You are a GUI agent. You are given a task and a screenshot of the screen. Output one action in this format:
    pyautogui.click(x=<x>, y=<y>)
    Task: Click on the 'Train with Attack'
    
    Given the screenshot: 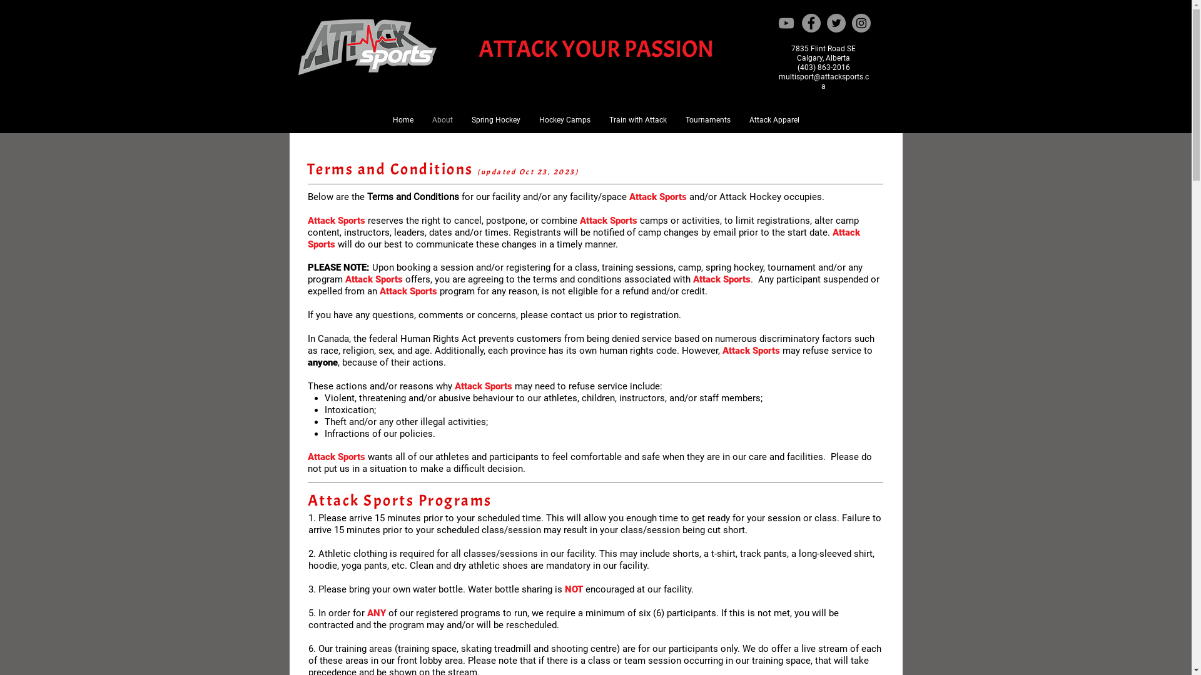 What is the action you would take?
    pyautogui.click(x=637, y=120)
    